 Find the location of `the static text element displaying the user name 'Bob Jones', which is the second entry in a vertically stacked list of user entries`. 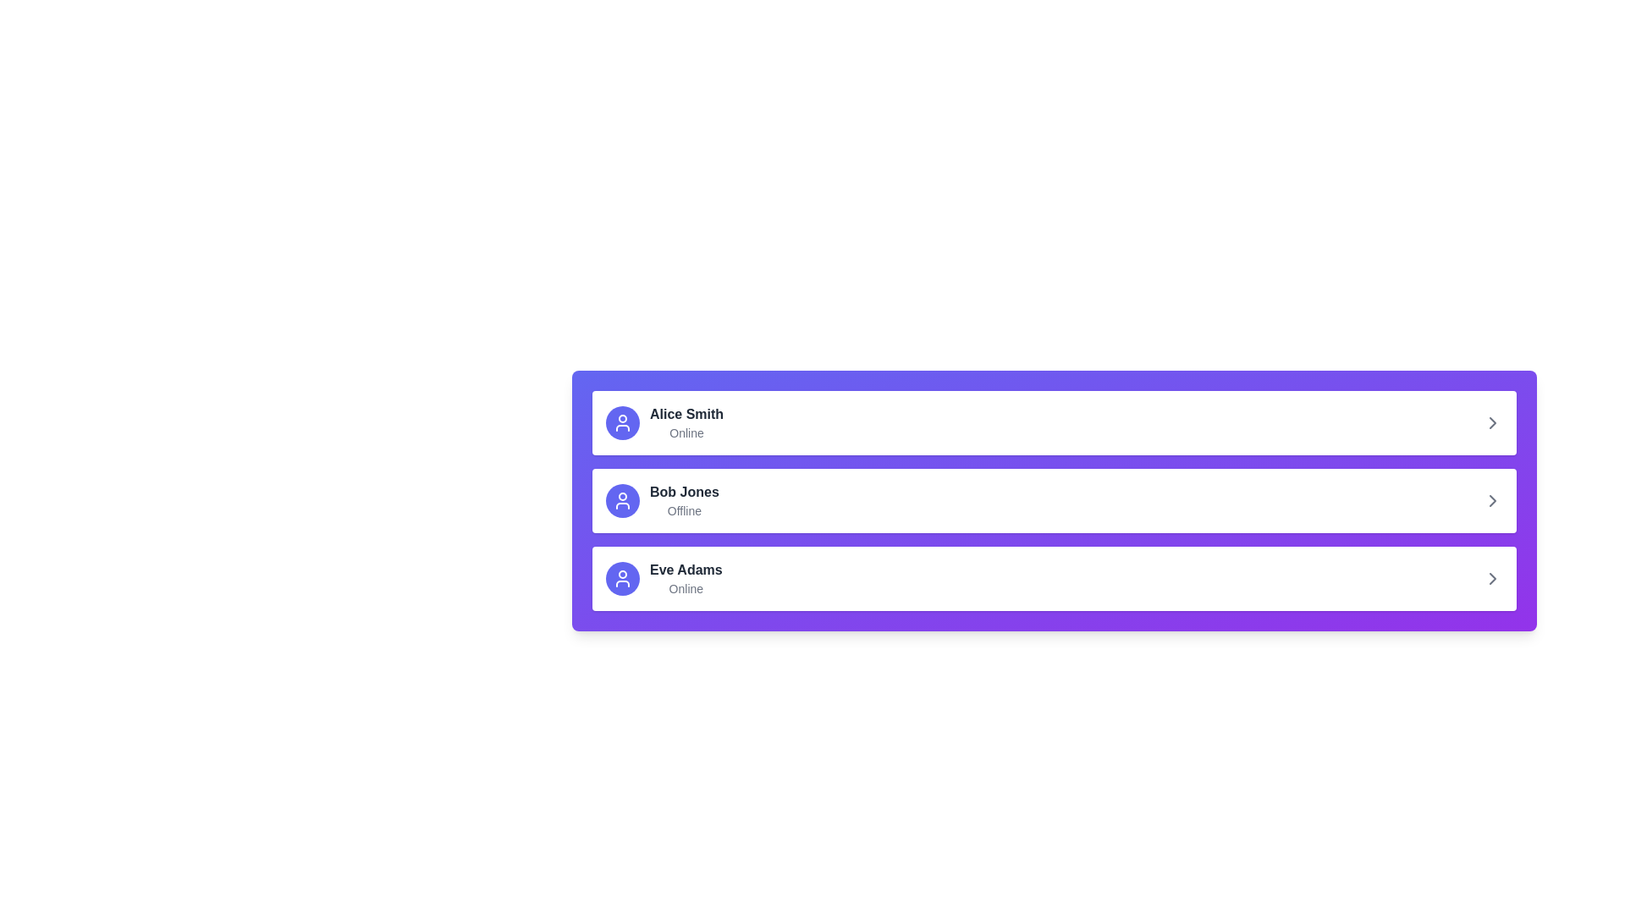

the static text element displaying the user name 'Bob Jones', which is the second entry in a vertically stacked list of user entries is located at coordinates (684, 493).